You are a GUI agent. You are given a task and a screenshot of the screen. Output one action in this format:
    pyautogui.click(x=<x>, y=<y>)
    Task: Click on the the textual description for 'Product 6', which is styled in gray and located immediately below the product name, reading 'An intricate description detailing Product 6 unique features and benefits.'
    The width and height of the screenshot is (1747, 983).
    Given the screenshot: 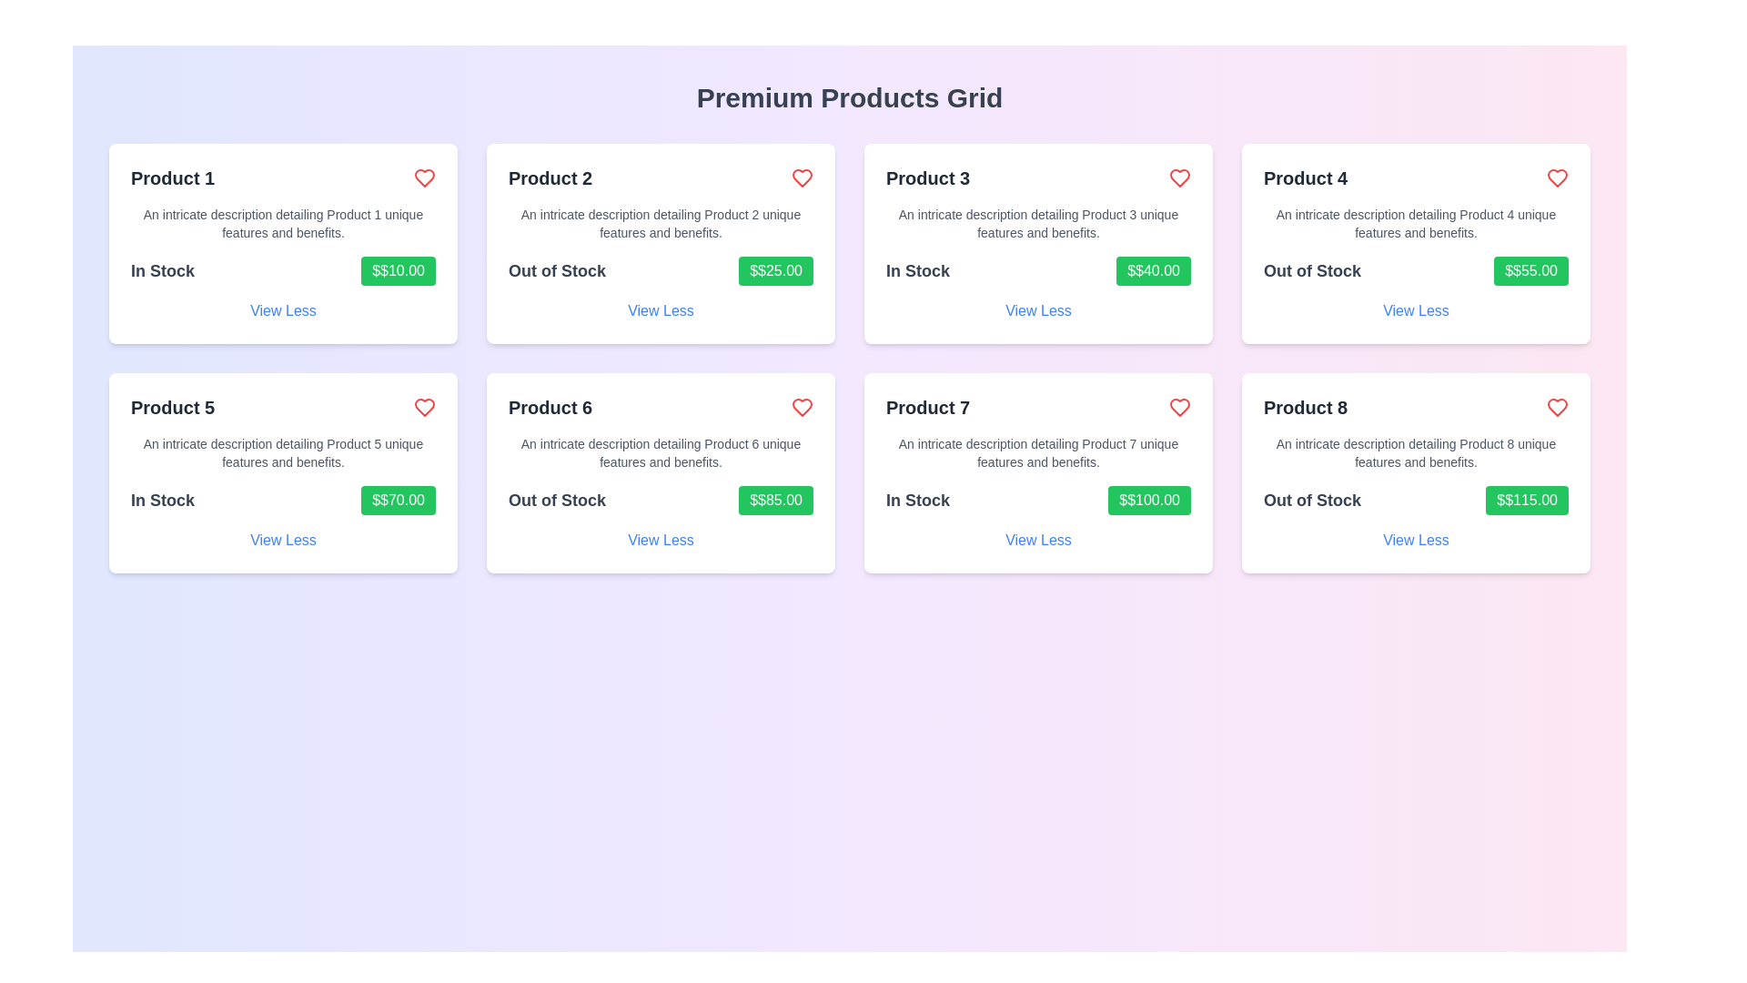 What is the action you would take?
    pyautogui.click(x=660, y=451)
    